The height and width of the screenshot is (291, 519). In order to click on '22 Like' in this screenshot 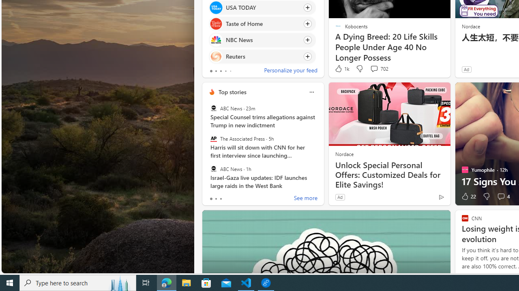, I will do `click(468, 196)`.